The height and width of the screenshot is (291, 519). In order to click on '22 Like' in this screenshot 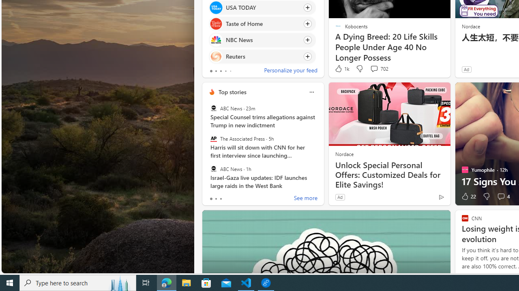, I will do `click(468, 196)`.